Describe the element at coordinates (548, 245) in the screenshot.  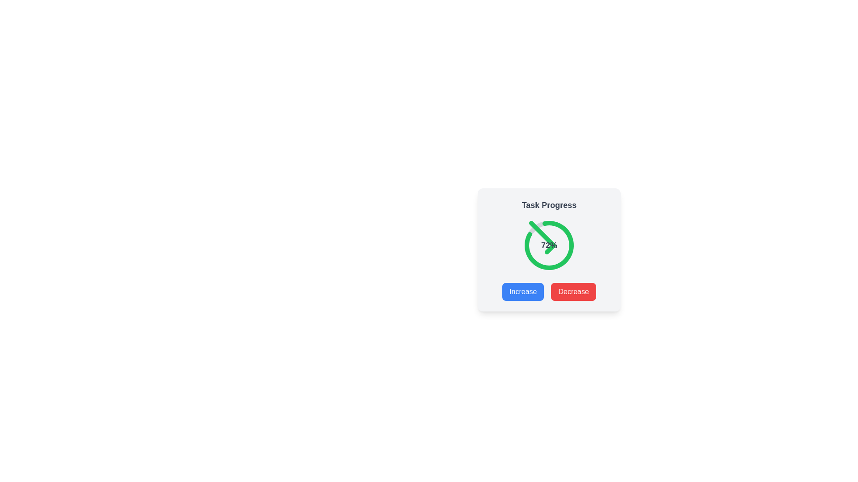
I see `the Circular Progress Bar displaying '72%' which is centrally located within the 'Task Progress' card component` at that location.